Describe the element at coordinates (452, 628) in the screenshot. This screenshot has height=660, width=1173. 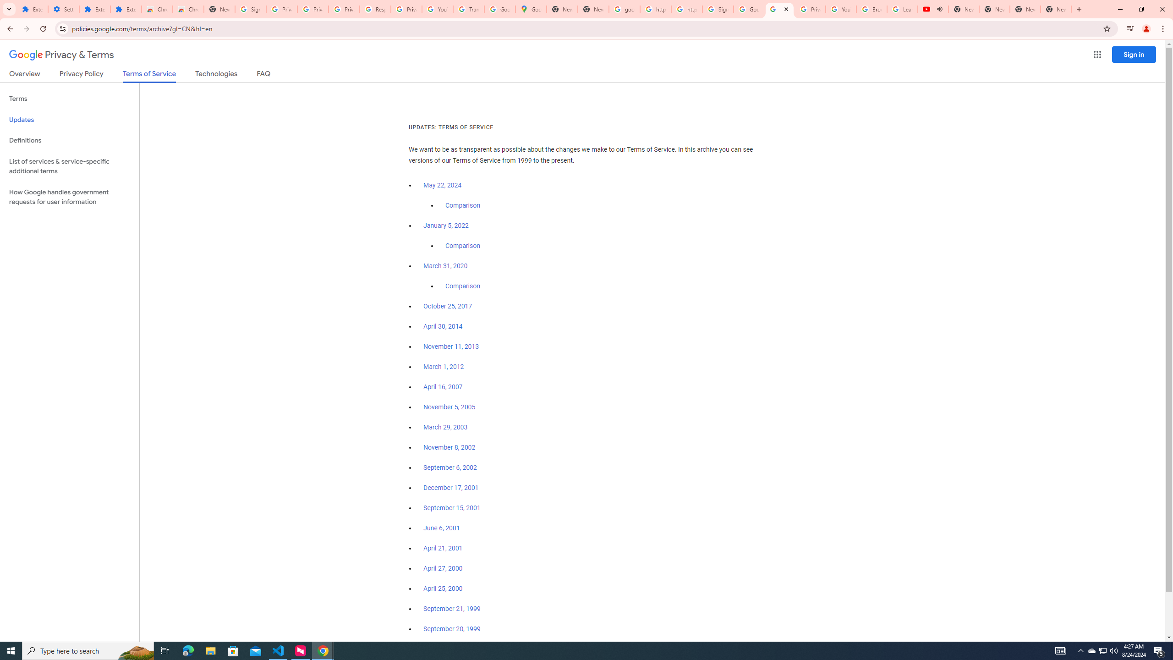
I see `'September 20, 1999'` at that location.